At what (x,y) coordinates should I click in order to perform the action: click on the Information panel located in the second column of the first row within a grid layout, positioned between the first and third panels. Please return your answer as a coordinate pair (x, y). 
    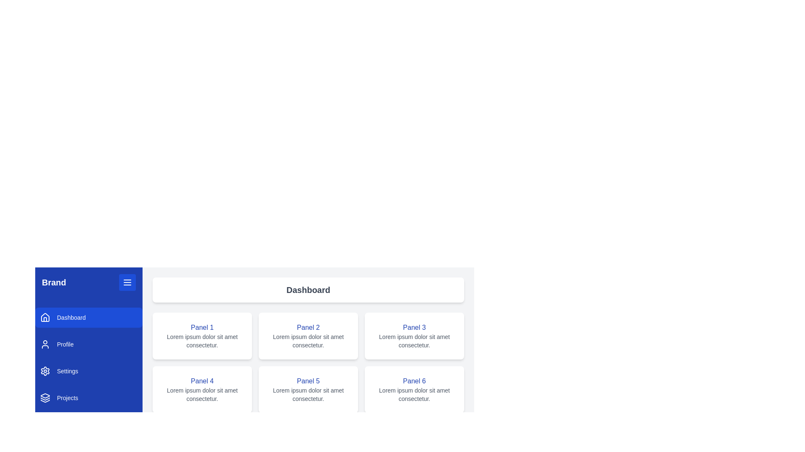
    Looking at the image, I should click on (308, 335).